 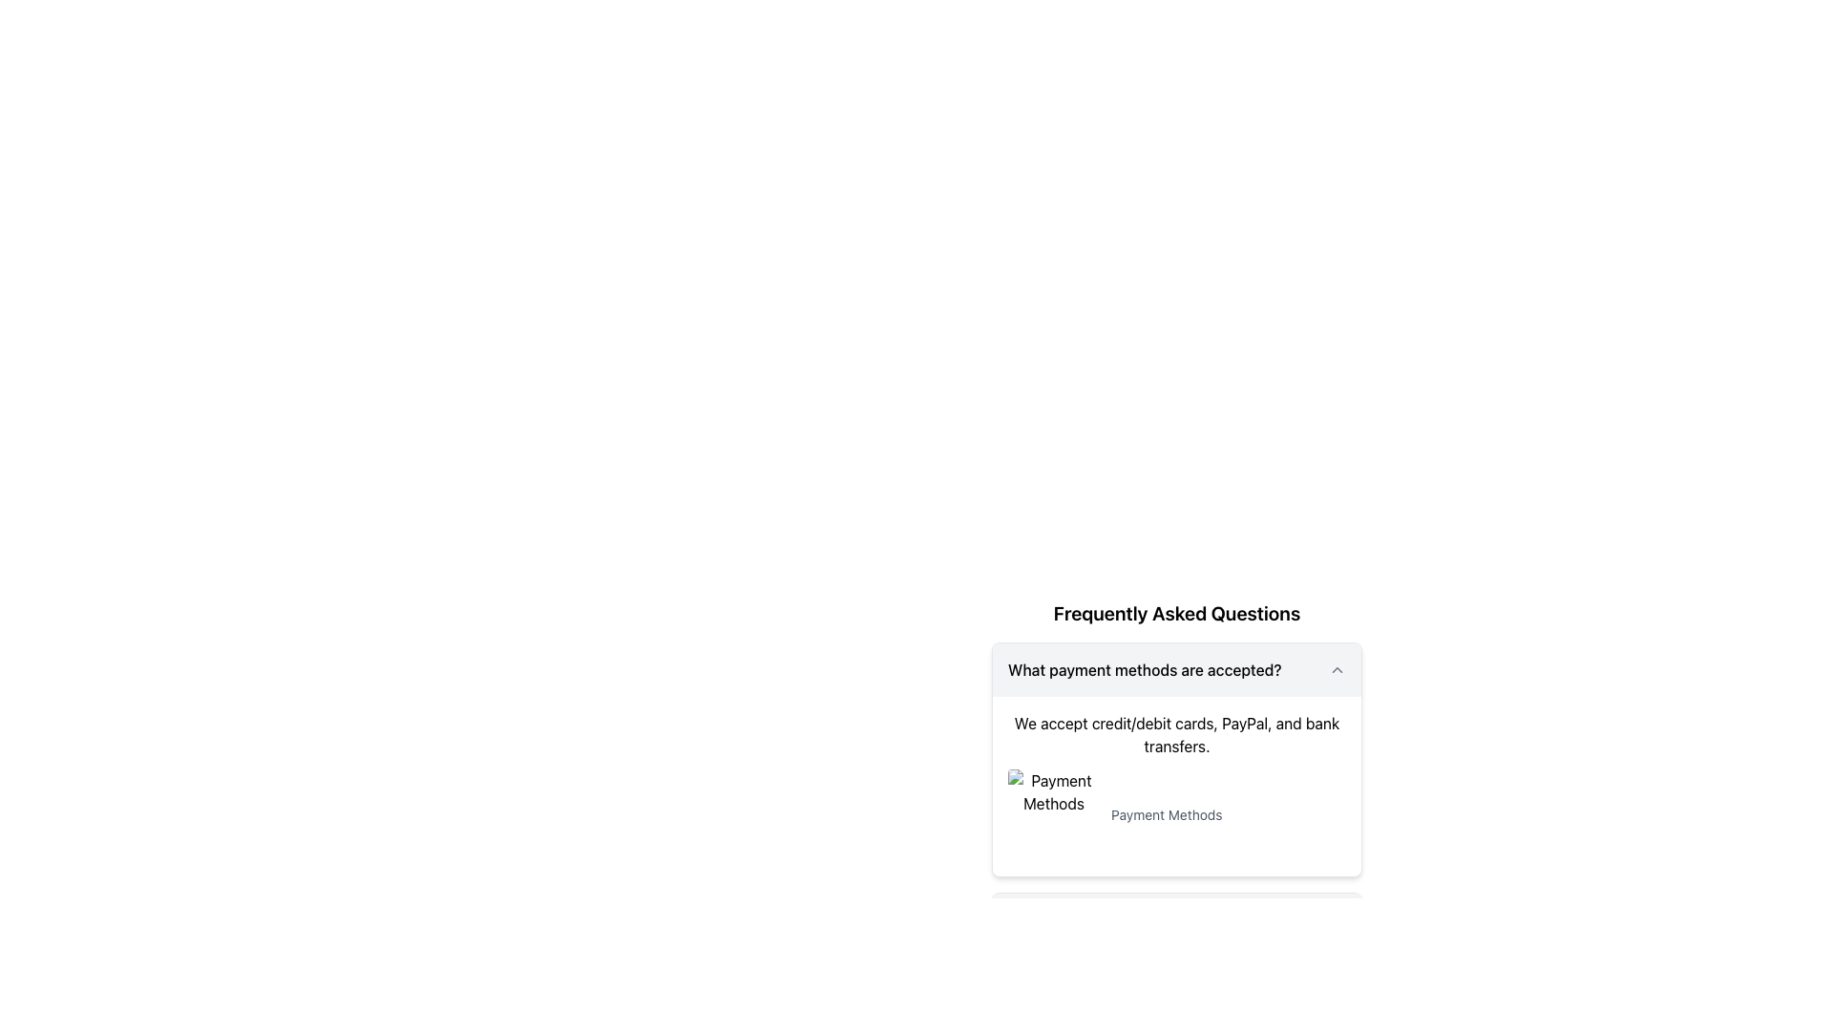 What do you see at coordinates (1176, 726) in the screenshot?
I see `the Frequently Asked Questions section containing the question 'What payment methods are accepted?' to read its content` at bounding box center [1176, 726].